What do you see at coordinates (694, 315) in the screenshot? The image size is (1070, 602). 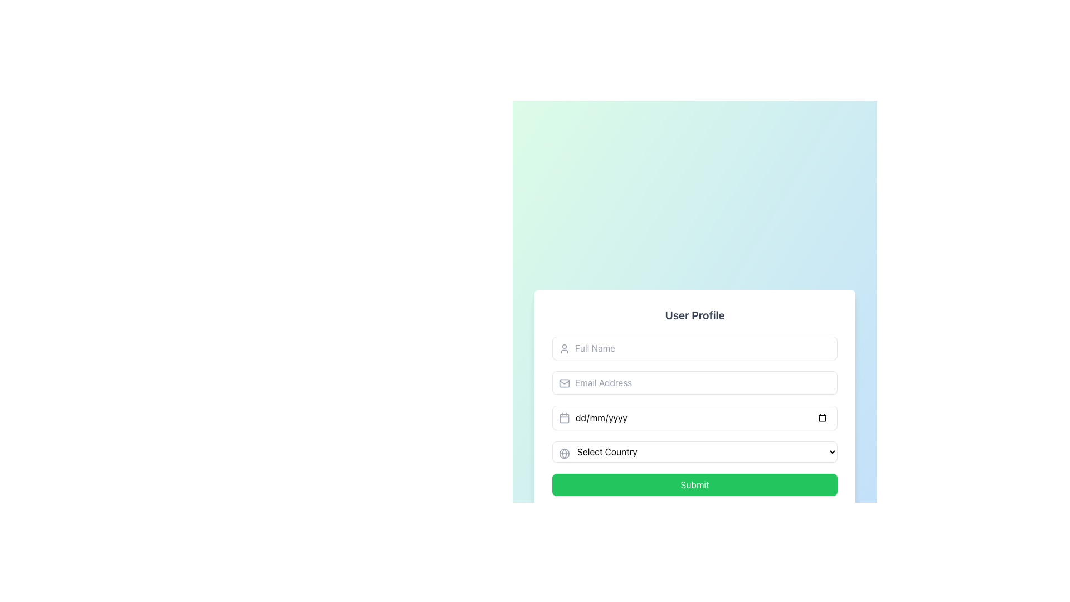 I see `text of the title or header located at the top of the user profile section card` at bounding box center [694, 315].